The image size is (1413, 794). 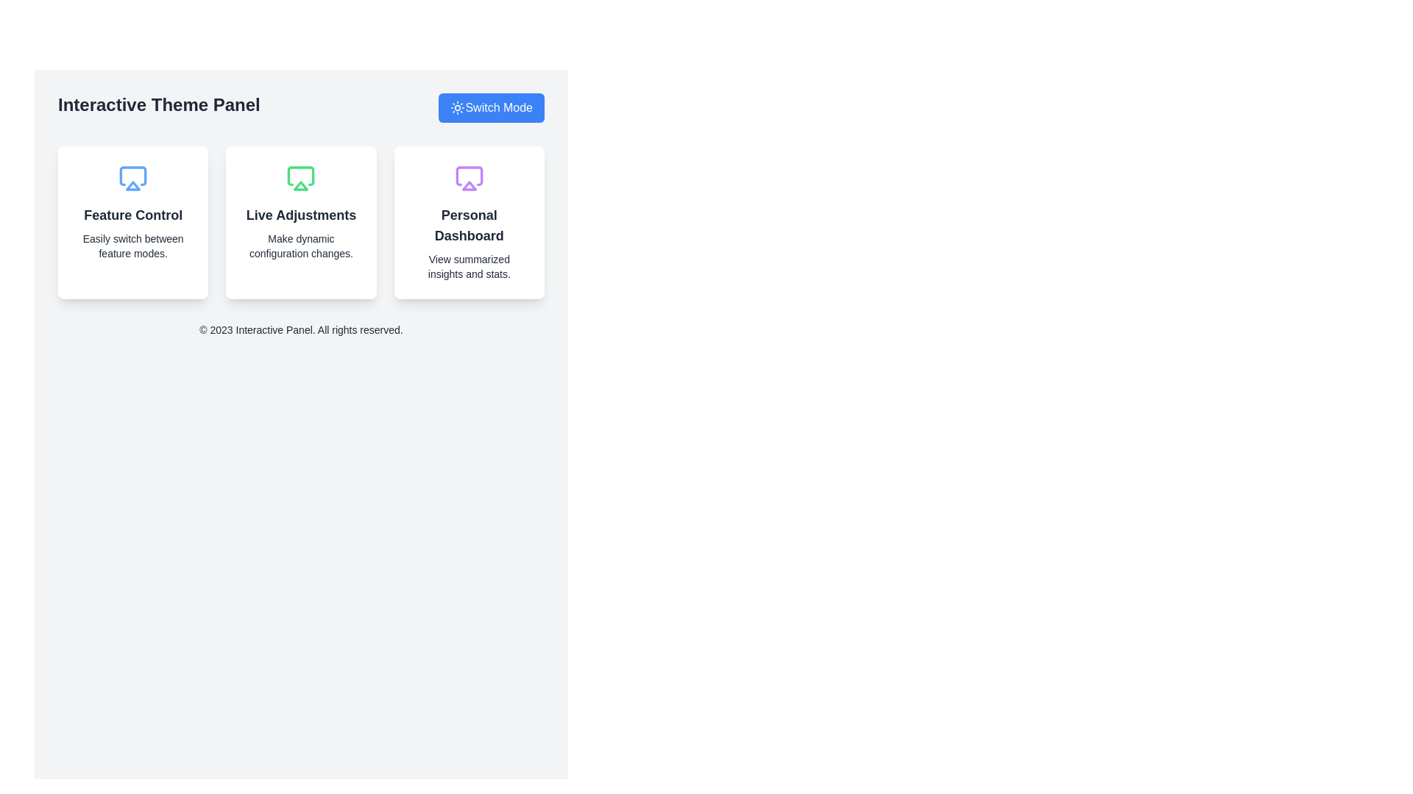 I want to click on the triangular SVG icon within the green rectangular icon located centrally in the second column of the row of three main icons representing functionalities in the interface, so click(x=300, y=185).